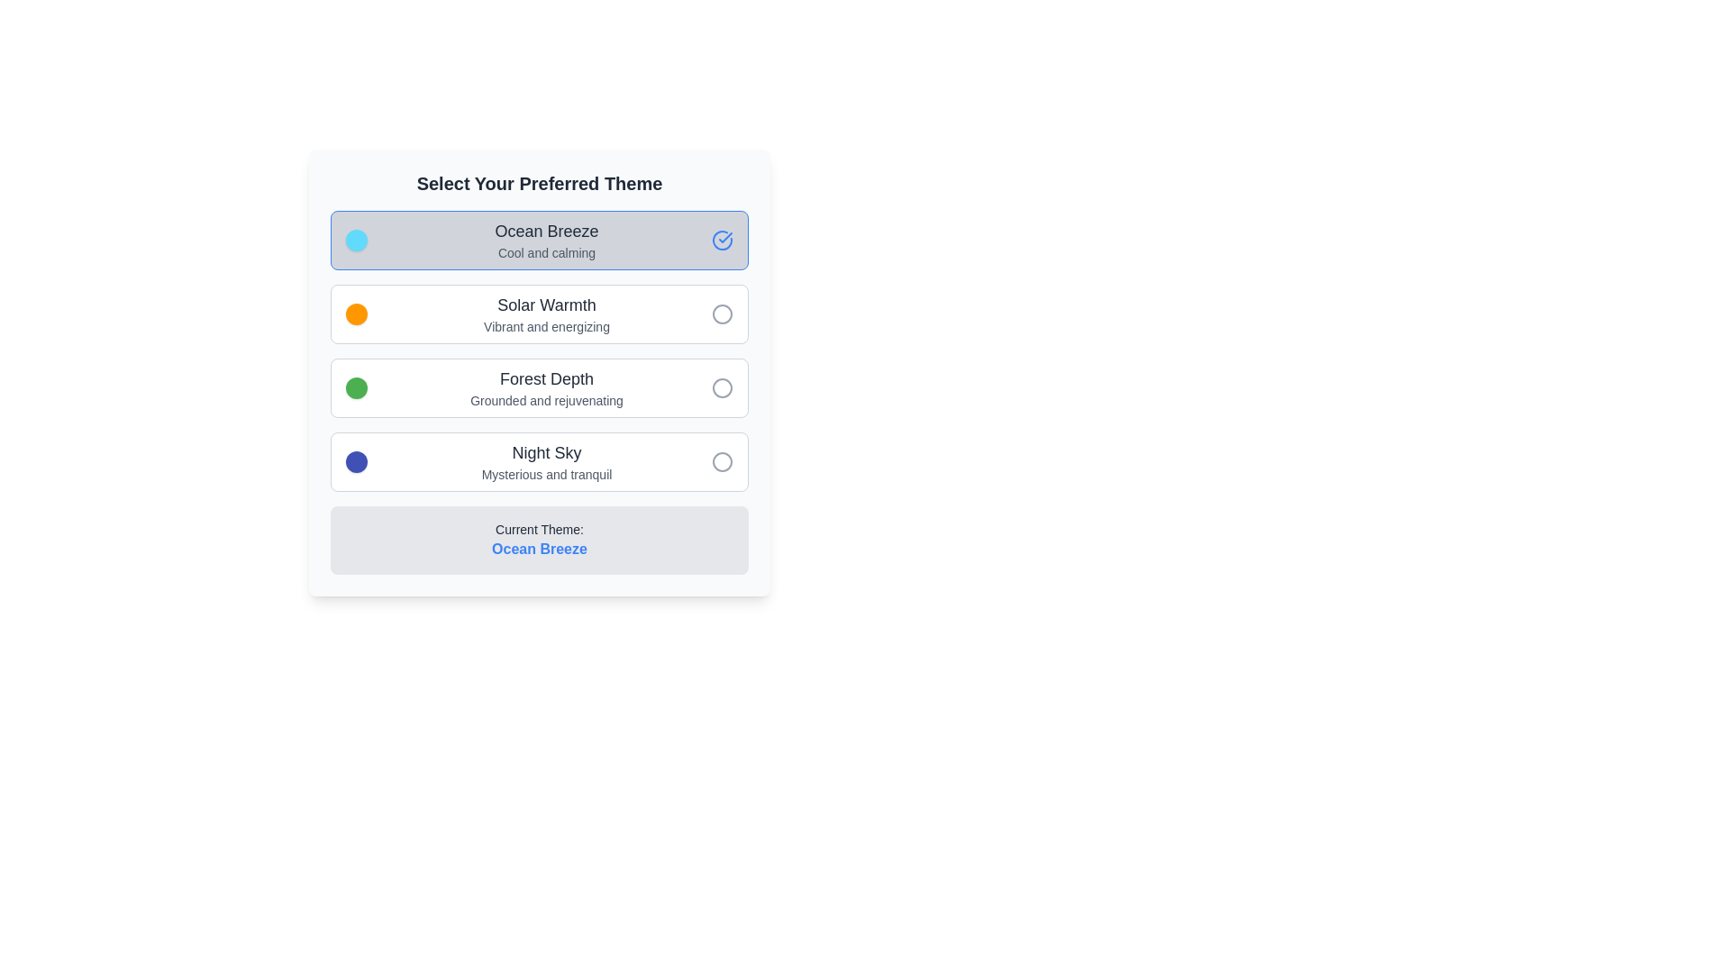 The height and width of the screenshot is (973, 1730). Describe the element at coordinates (722, 461) in the screenshot. I see `the inner circle of the radio button indicator associated with the 'Night Sky' option` at that location.